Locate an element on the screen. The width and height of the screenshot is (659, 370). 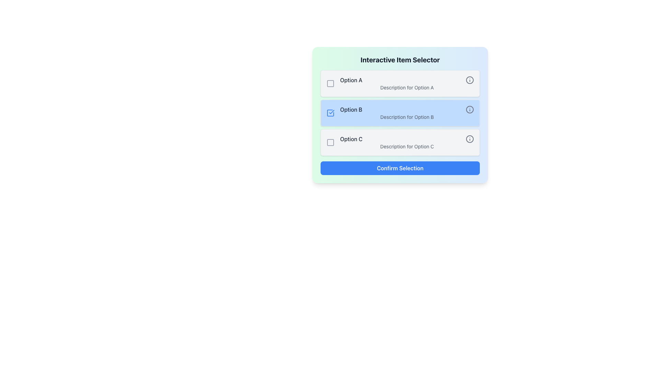
the checkbox of the Selectable List Item labeled 'Option B' is located at coordinates (400, 113).